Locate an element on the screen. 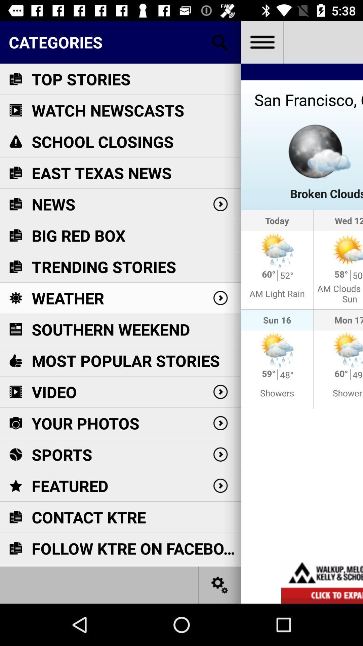 The width and height of the screenshot is (363, 646). advertisement is located at coordinates (322, 581).